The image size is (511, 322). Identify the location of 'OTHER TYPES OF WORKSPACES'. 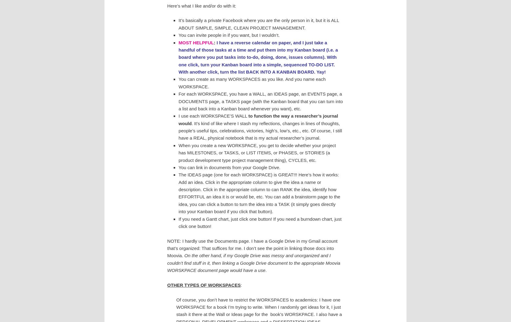
(167, 285).